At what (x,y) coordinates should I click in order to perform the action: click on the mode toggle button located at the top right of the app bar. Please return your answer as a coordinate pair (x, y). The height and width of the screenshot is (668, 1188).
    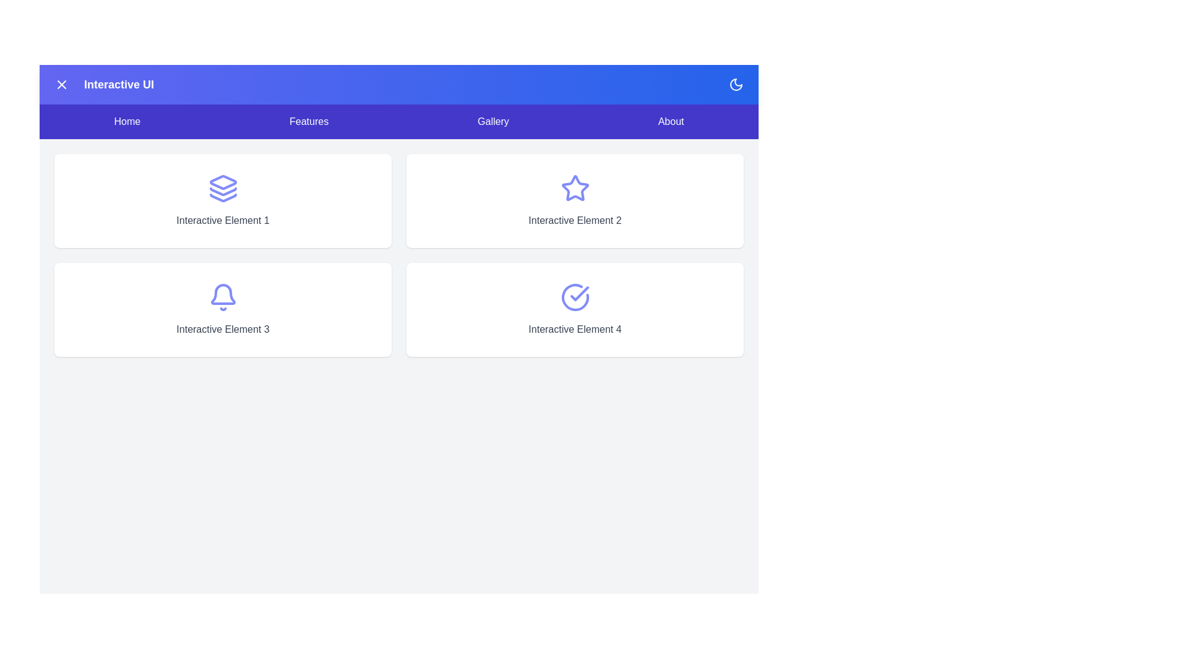
    Looking at the image, I should click on (736, 84).